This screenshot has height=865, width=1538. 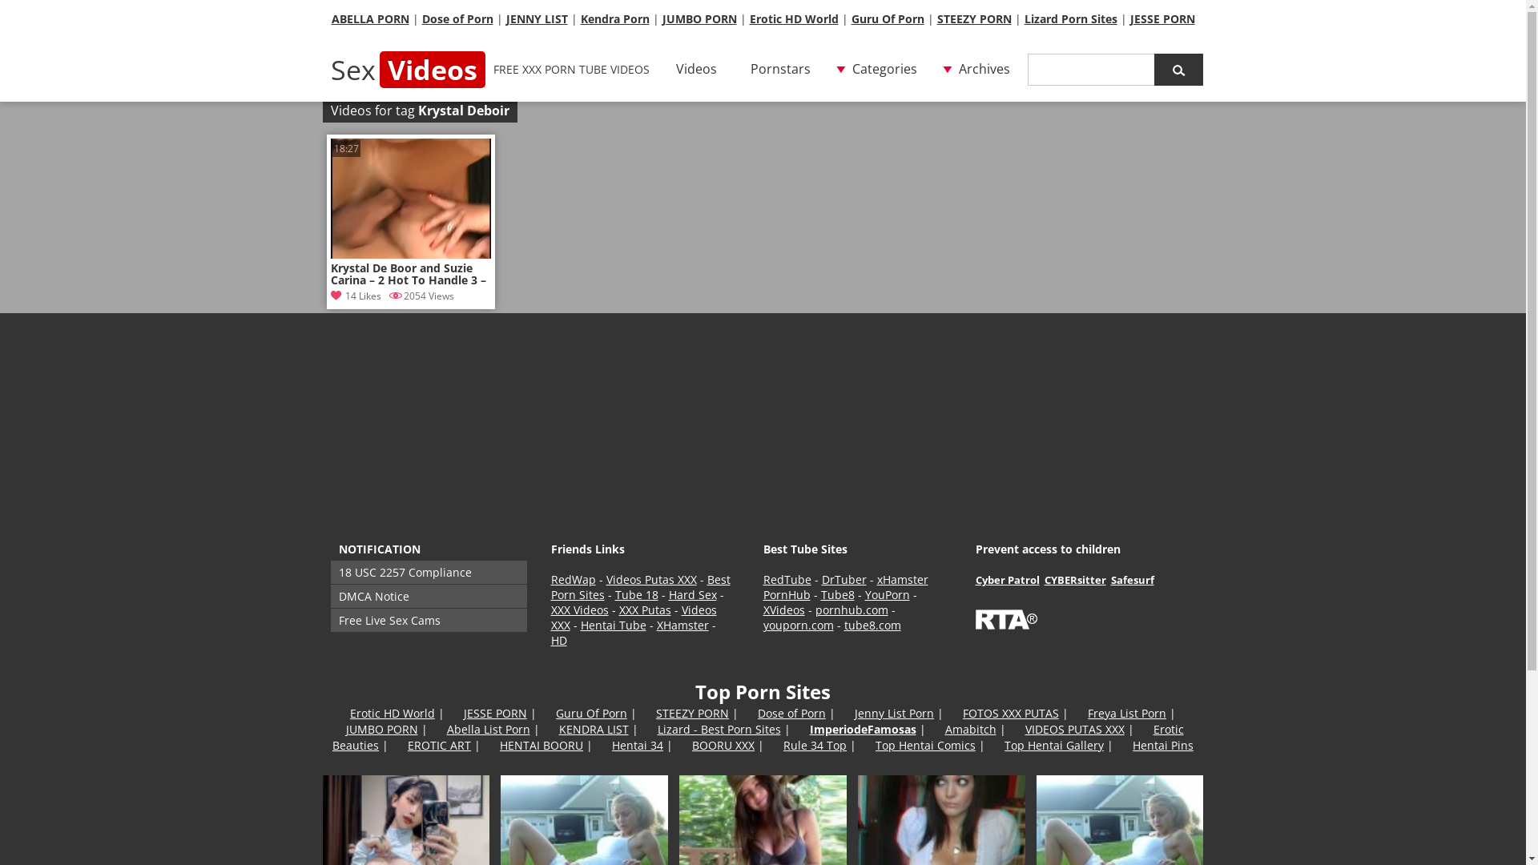 I want to click on 'YouPorn', so click(x=887, y=594).